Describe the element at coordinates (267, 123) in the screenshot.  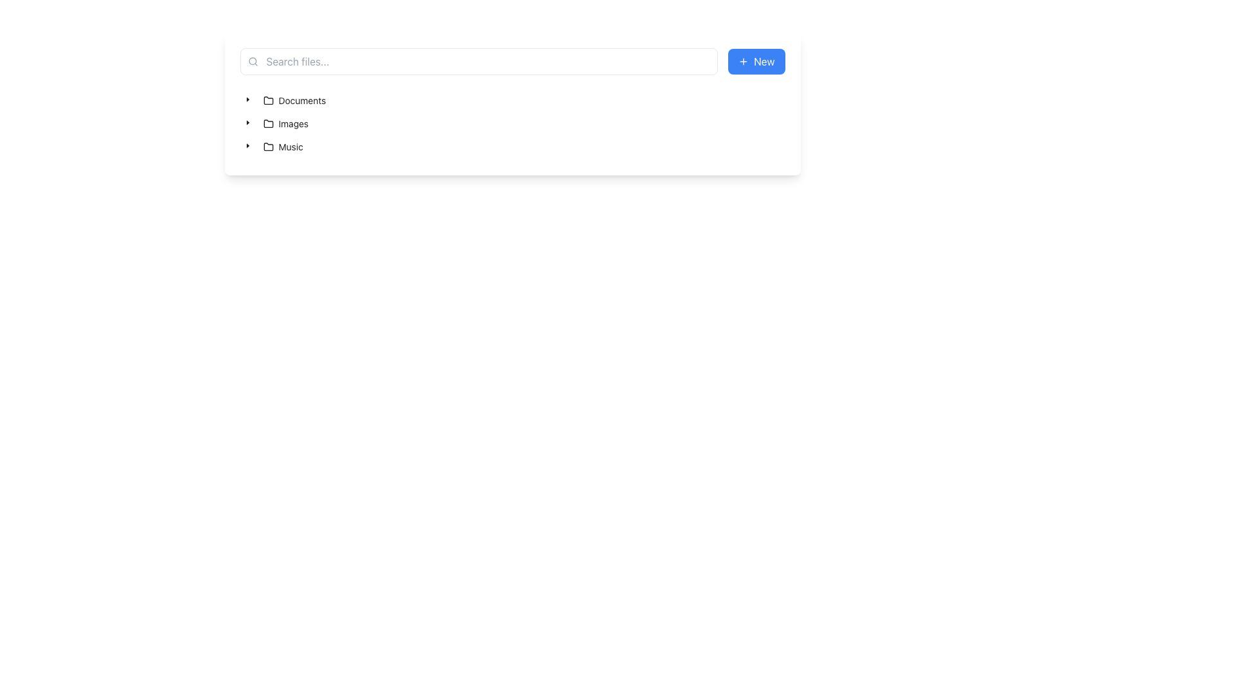
I see `the folder icon located to the immediate left of the 'Images' label in the second entry of the list to focus or select the associated folder` at that location.